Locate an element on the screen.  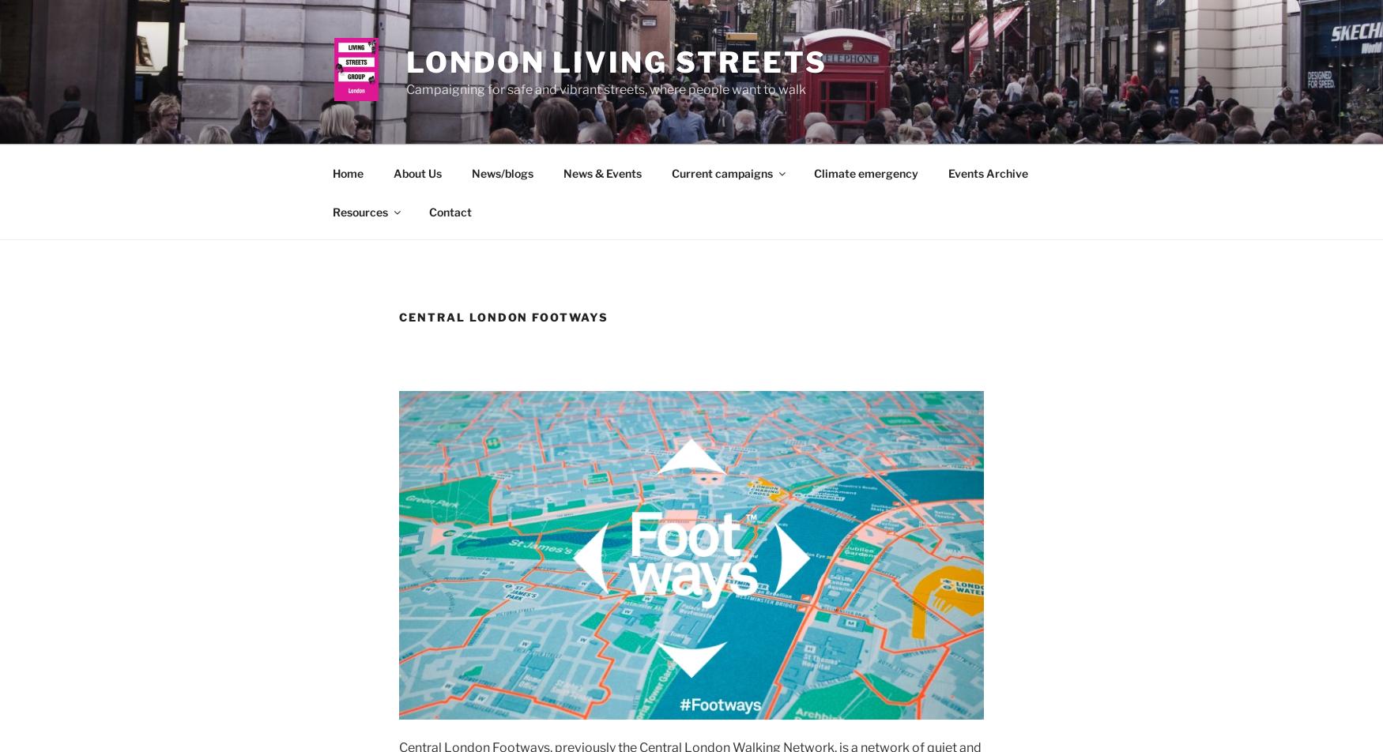
'Campaigning for safe and vibrant streets, where people want to walk' is located at coordinates (605, 89).